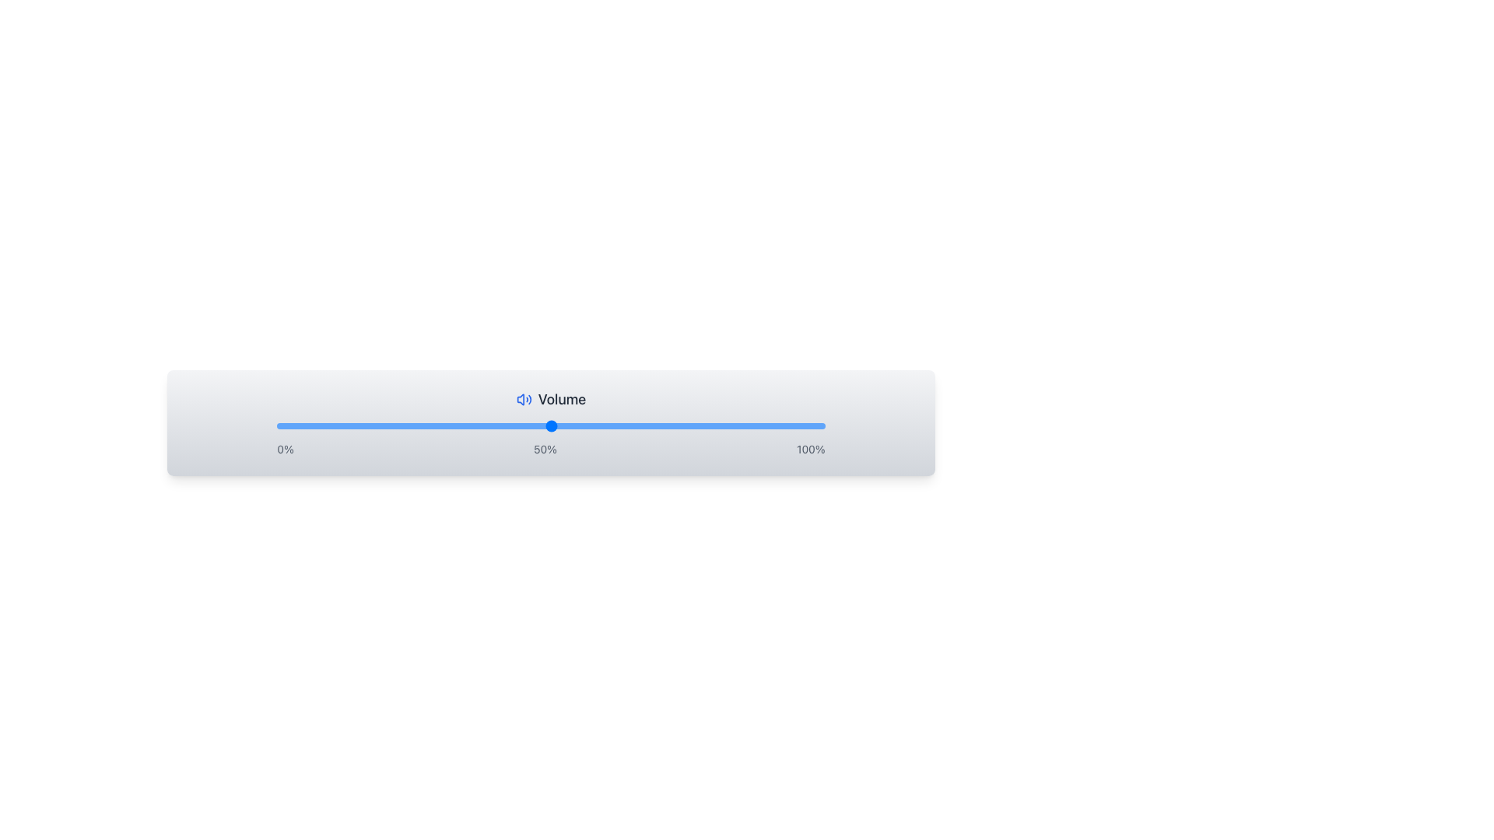  I want to click on the volume, so click(638, 425).